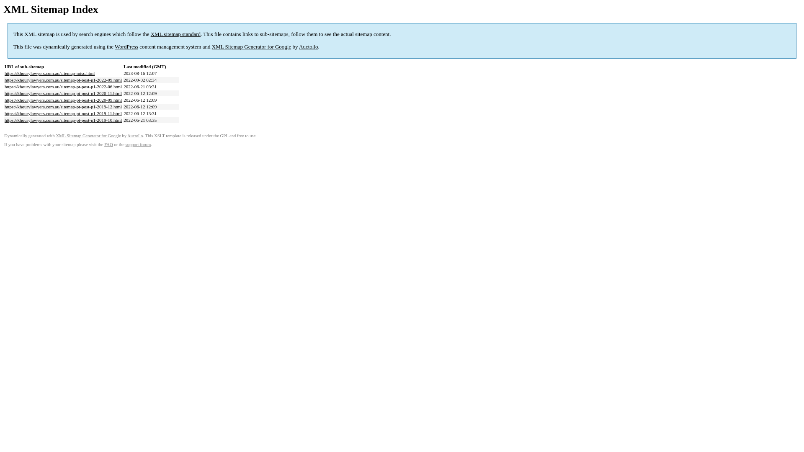 The height and width of the screenshot is (452, 804). I want to click on 'support forum', so click(138, 144).